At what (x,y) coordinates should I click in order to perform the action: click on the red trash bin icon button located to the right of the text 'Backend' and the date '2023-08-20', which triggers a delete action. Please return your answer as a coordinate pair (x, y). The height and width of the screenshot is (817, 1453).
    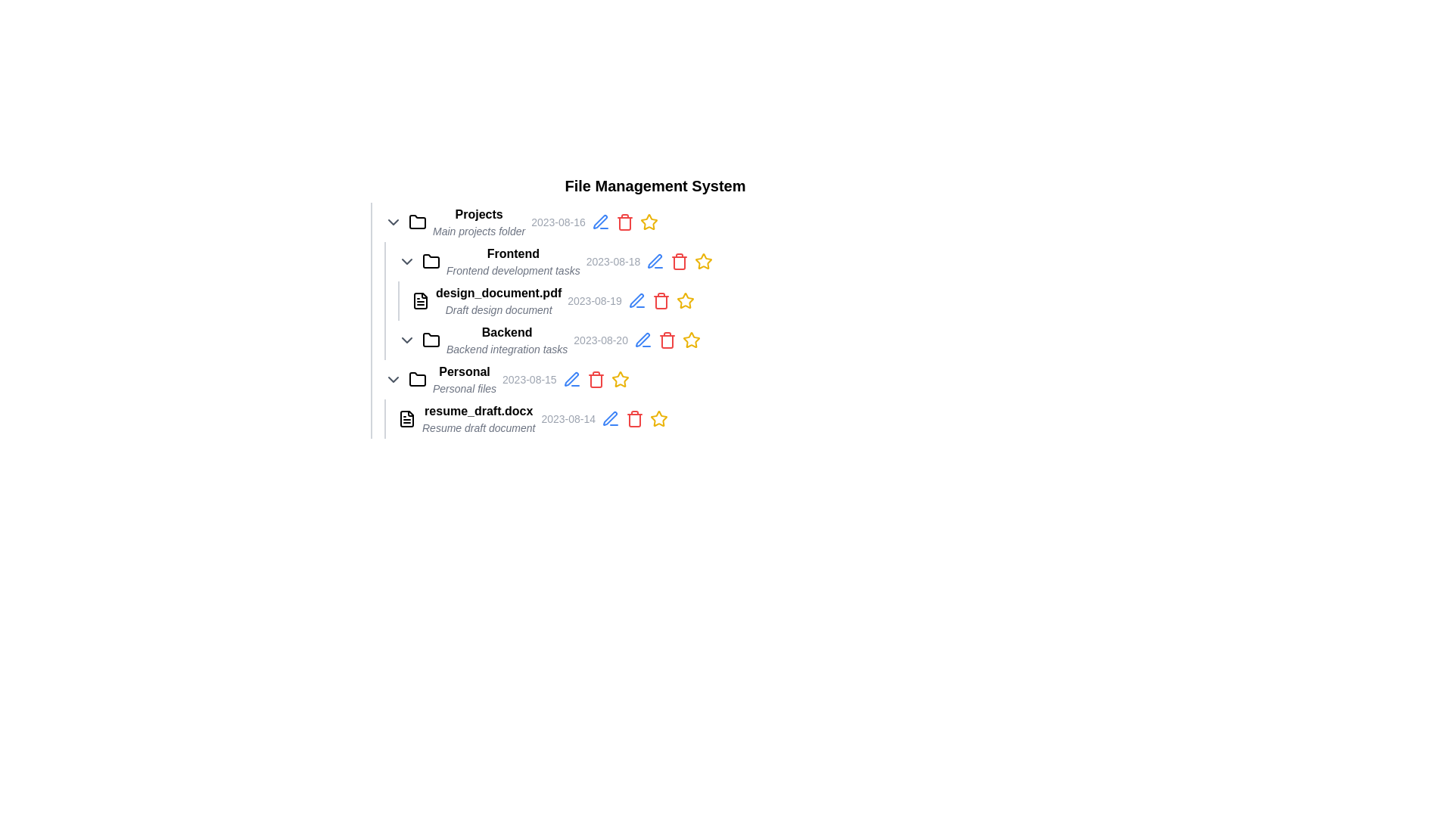
    Looking at the image, I should click on (666, 340).